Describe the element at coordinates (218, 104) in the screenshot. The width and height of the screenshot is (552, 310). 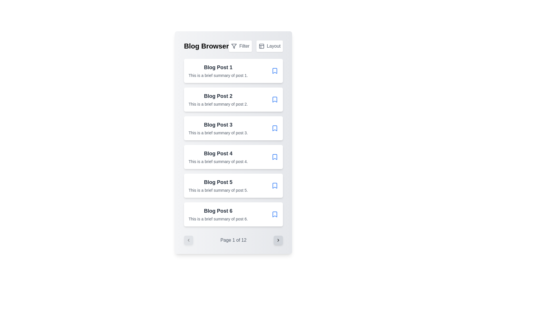
I see `text block styled in small gray font and italicized, containing the content: 'This is a brief summary of post 2.', located below the title 'Blog Post 2' in the second entry of a list of blog posts` at that location.